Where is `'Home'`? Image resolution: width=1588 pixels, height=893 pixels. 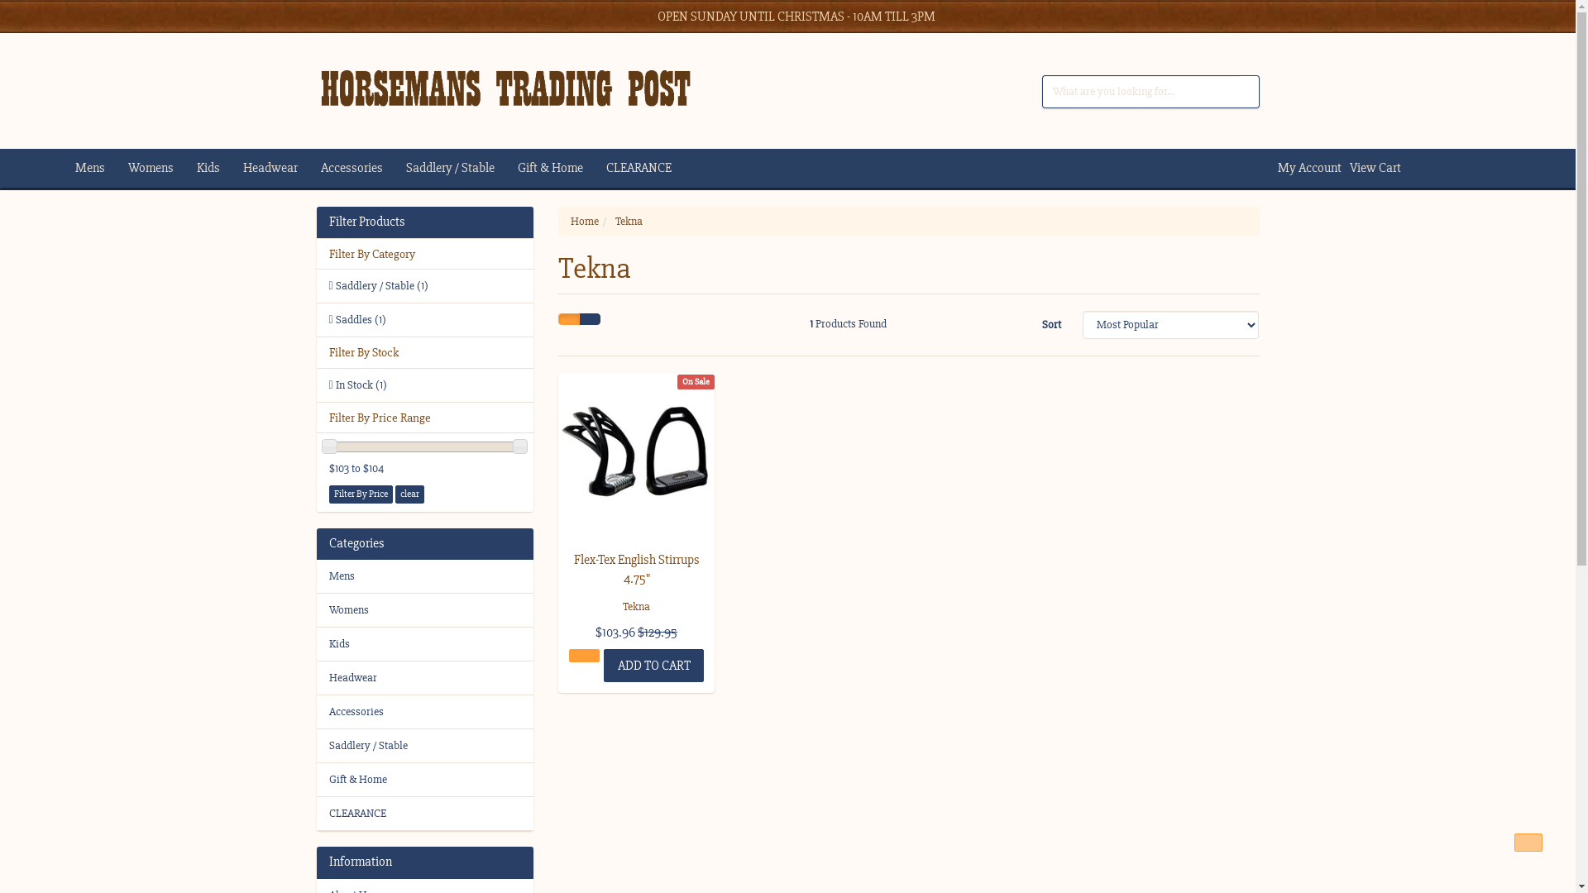 'Home' is located at coordinates (571, 220).